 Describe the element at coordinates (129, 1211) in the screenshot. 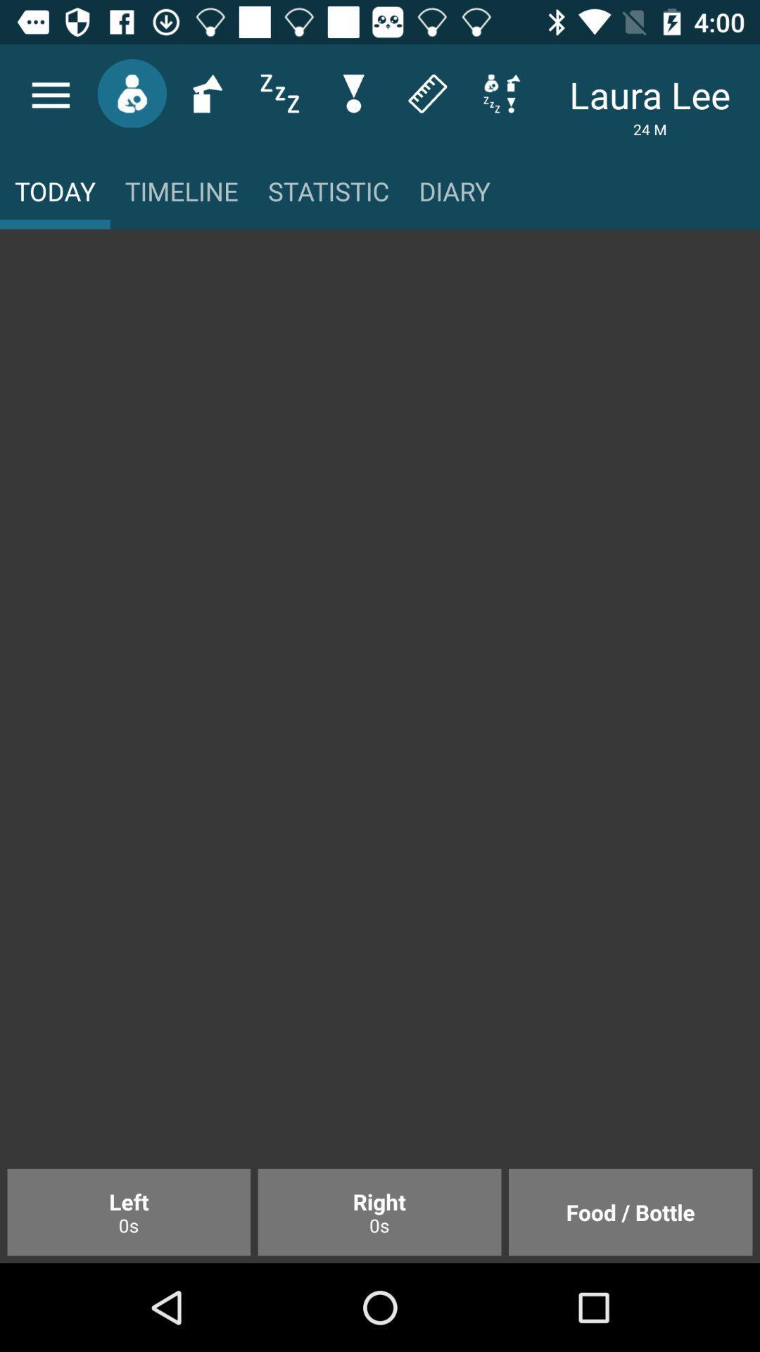

I see `left` at that location.